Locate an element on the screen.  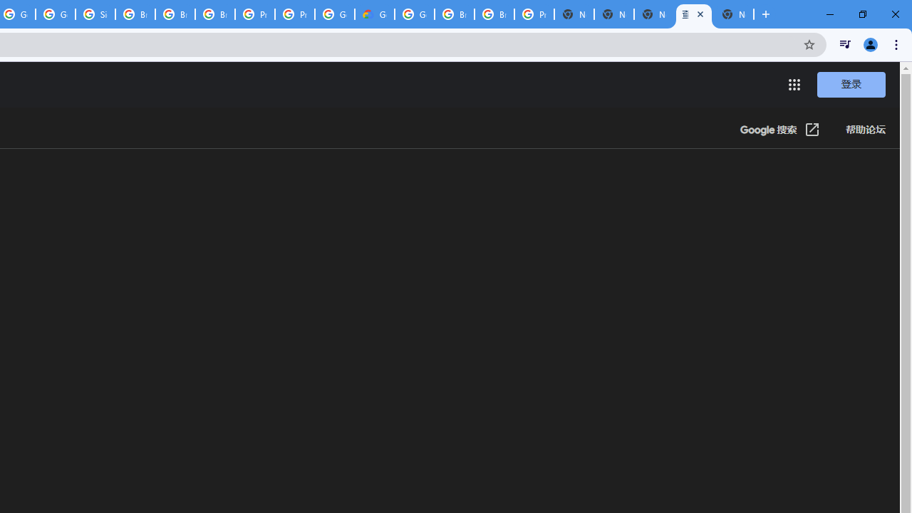
'Minimize' is located at coordinates (830, 14).